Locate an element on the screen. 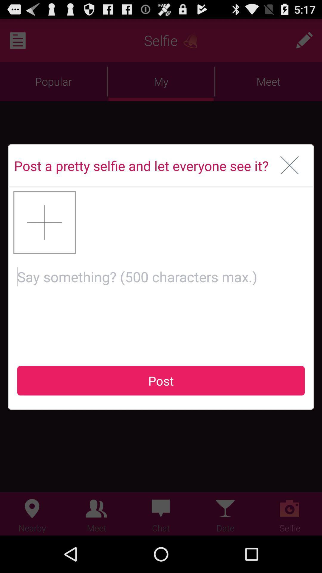  the item to the right of the post a pretty item is located at coordinates (289, 166).